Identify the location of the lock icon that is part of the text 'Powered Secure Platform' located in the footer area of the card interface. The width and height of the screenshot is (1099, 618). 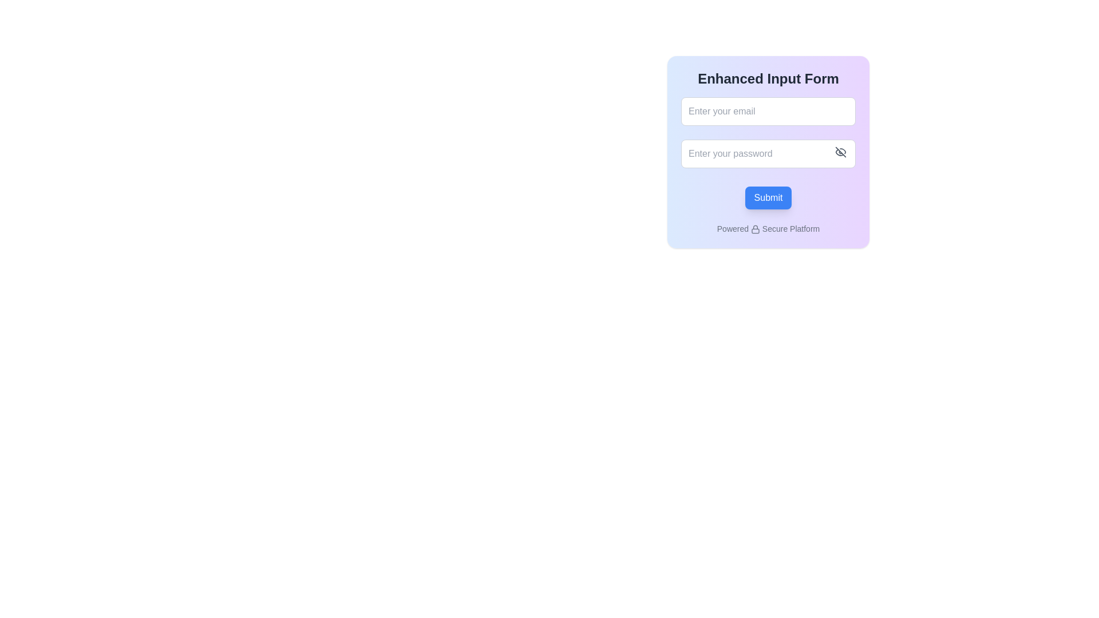
(756, 229).